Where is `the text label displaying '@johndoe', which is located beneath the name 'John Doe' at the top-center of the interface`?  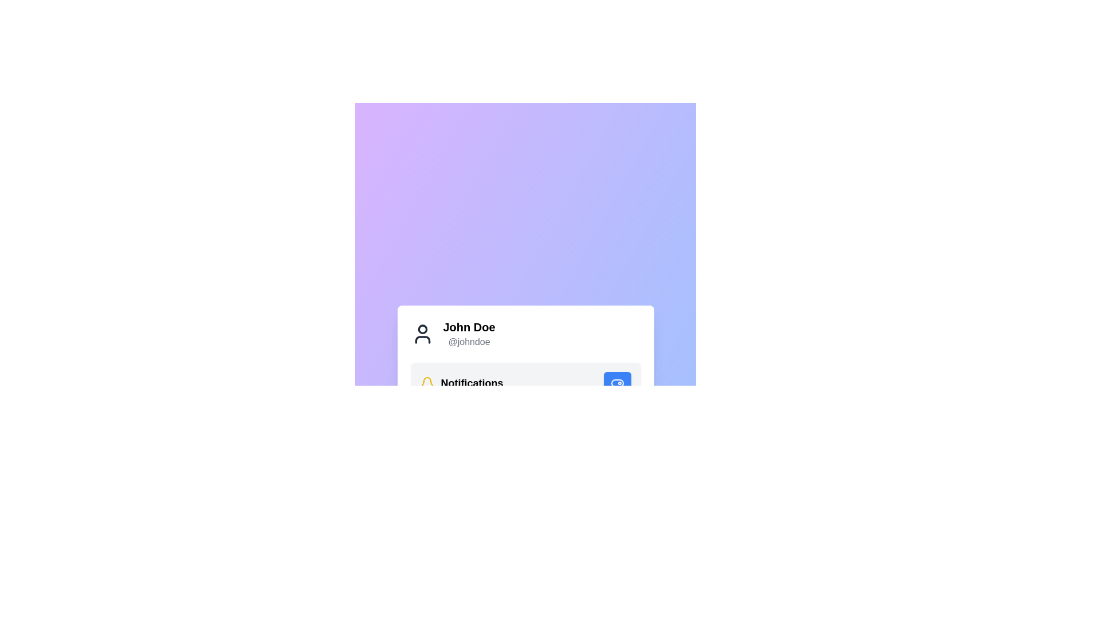 the text label displaying '@johndoe', which is located beneath the name 'John Doe' at the top-center of the interface is located at coordinates (469, 341).